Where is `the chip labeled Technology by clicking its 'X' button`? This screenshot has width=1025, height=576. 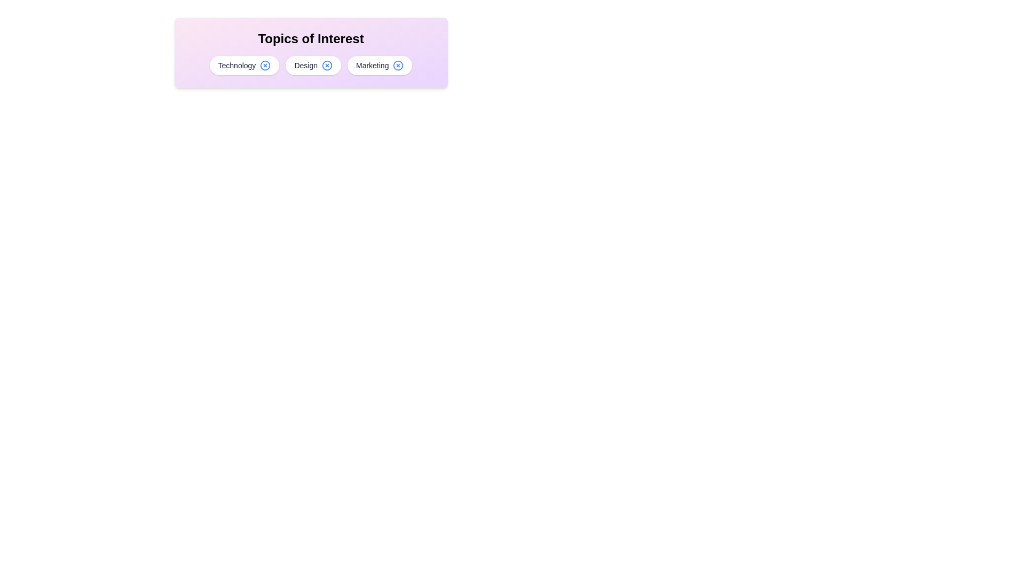
the chip labeled Technology by clicking its 'X' button is located at coordinates (265, 66).